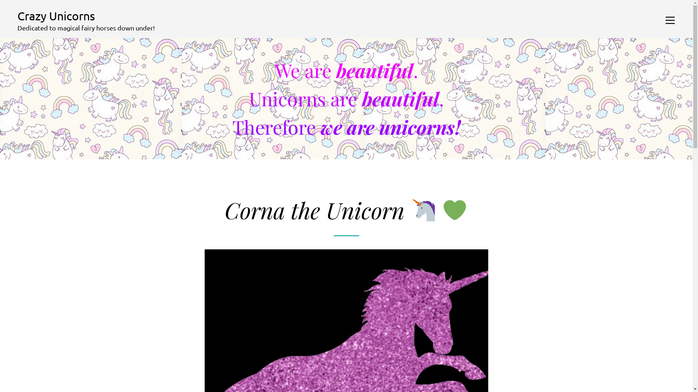 This screenshot has width=698, height=392. I want to click on 'Crazy Unicorns', so click(17, 16).